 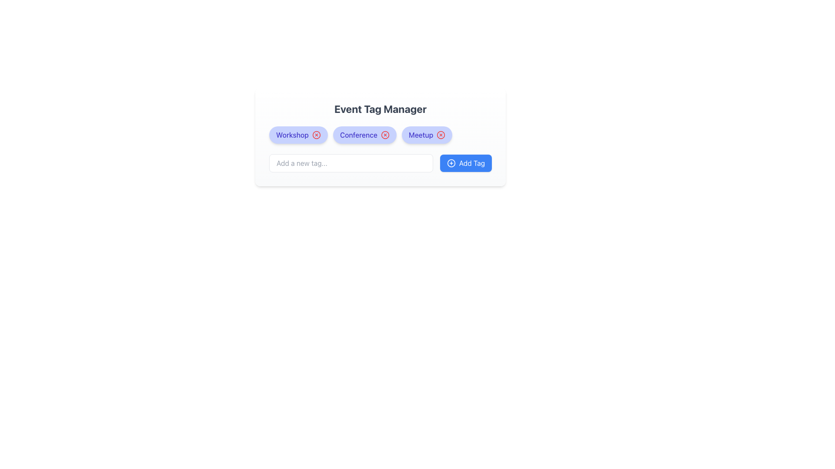 What do you see at coordinates (427, 135) in the screenshot?
I see `the 'Meetup' pill-shaped badge to focus or interact with it, allowing for potential removal of the tag` at bounding box center [427, 135].